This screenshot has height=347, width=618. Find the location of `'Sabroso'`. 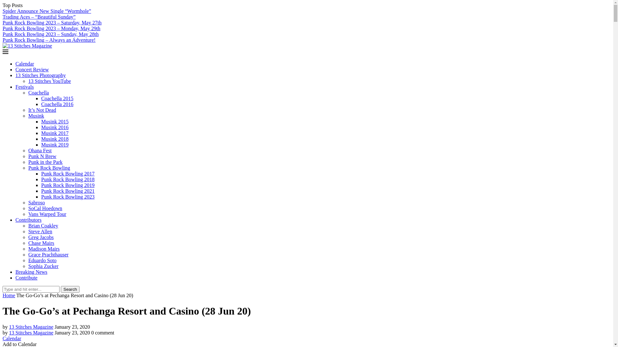

'Sabroso' is located at coordinates (28, 202).